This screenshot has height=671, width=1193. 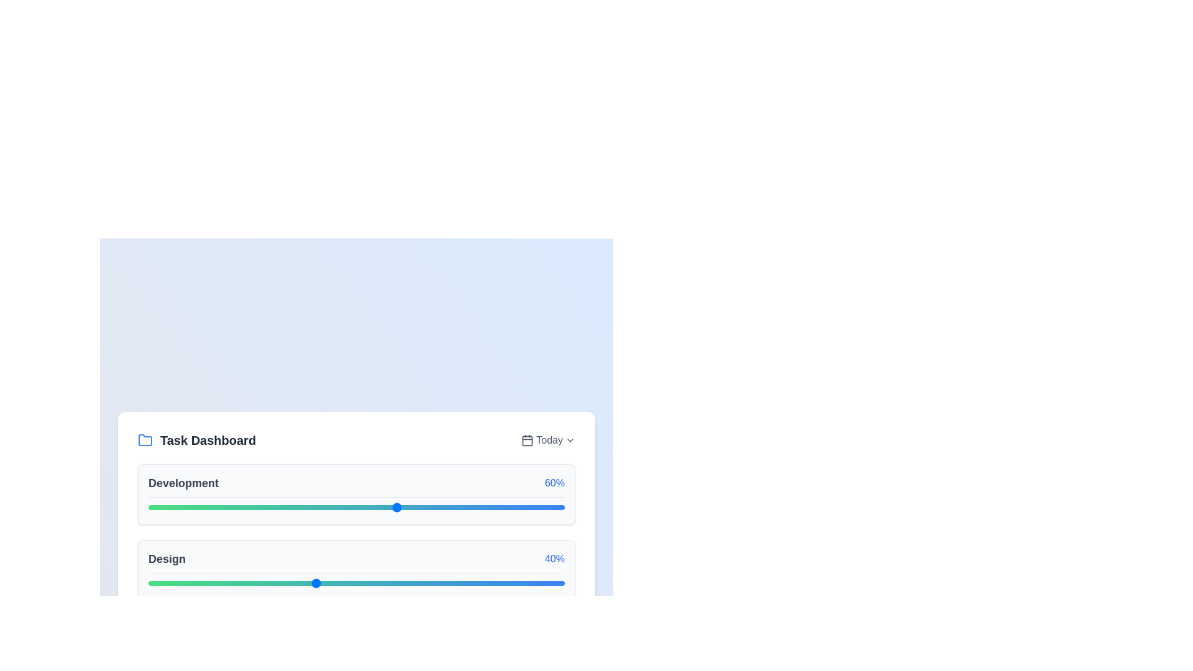 I want to click on the development progress, so click(x=190, y=508).